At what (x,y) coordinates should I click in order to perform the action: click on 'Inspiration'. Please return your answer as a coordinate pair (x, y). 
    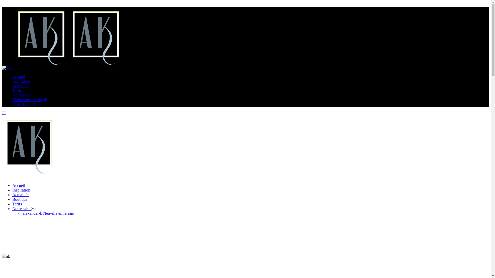
    Looking at the image, I should click on (21, 190).